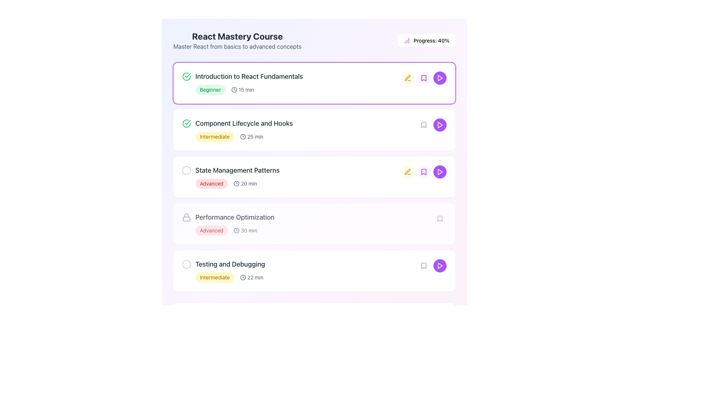 The width and height of the screenshot is (704, 396). What do you see at coordinates (440, 266) in the screenshot?
I see `the play icon within the circular button on the far-right side of the last row in the course modules list` at bounding box center [440, 266].